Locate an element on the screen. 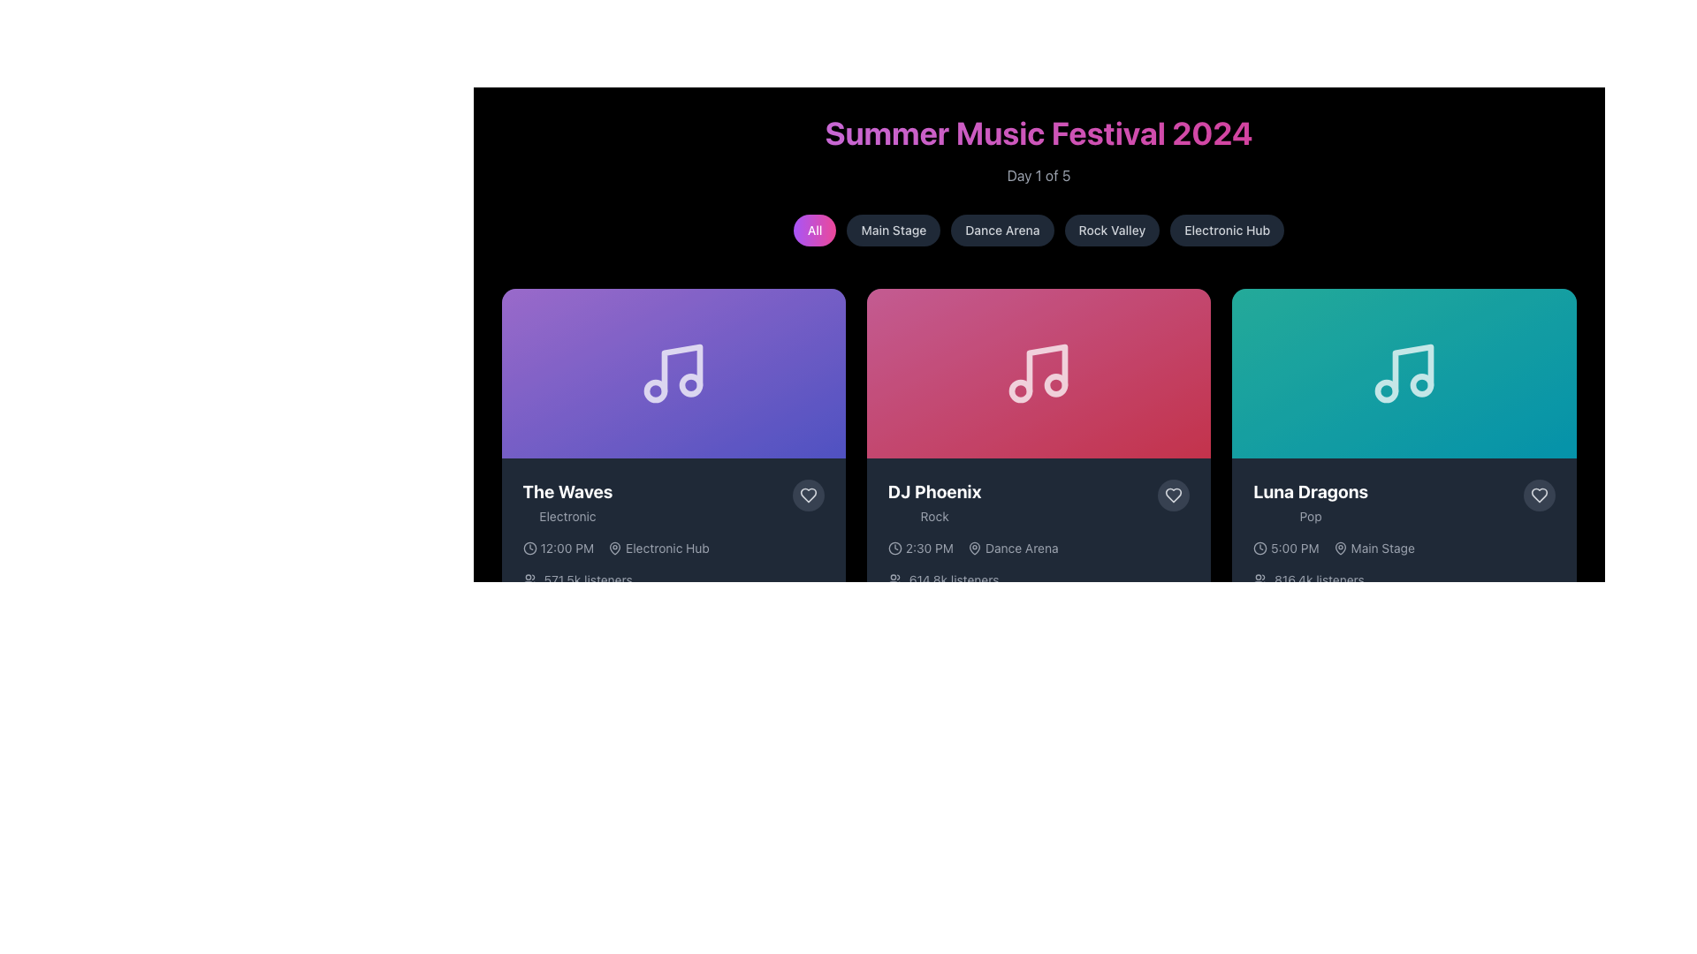  the icon representing 'listeners', which is located to the left of the '614.8k listeners' text is located at coordinates (894, 579).